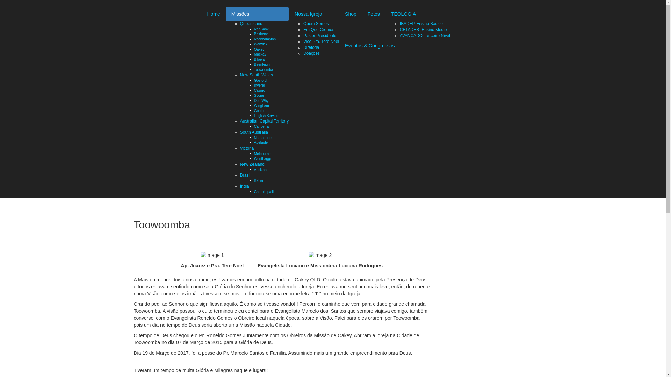 This screenshot has width=671, height=377. I want to click on 'Naracoorte', so click(262, 138).